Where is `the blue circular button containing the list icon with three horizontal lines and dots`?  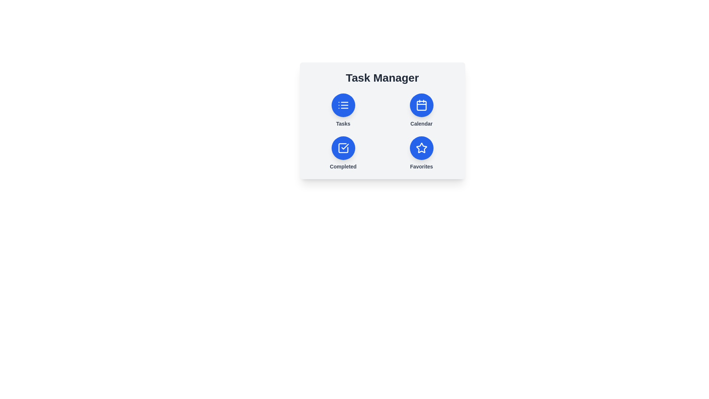 the blue circular button containing the list icon with three horizontal lines and dots is located at coordinates (343, 105).